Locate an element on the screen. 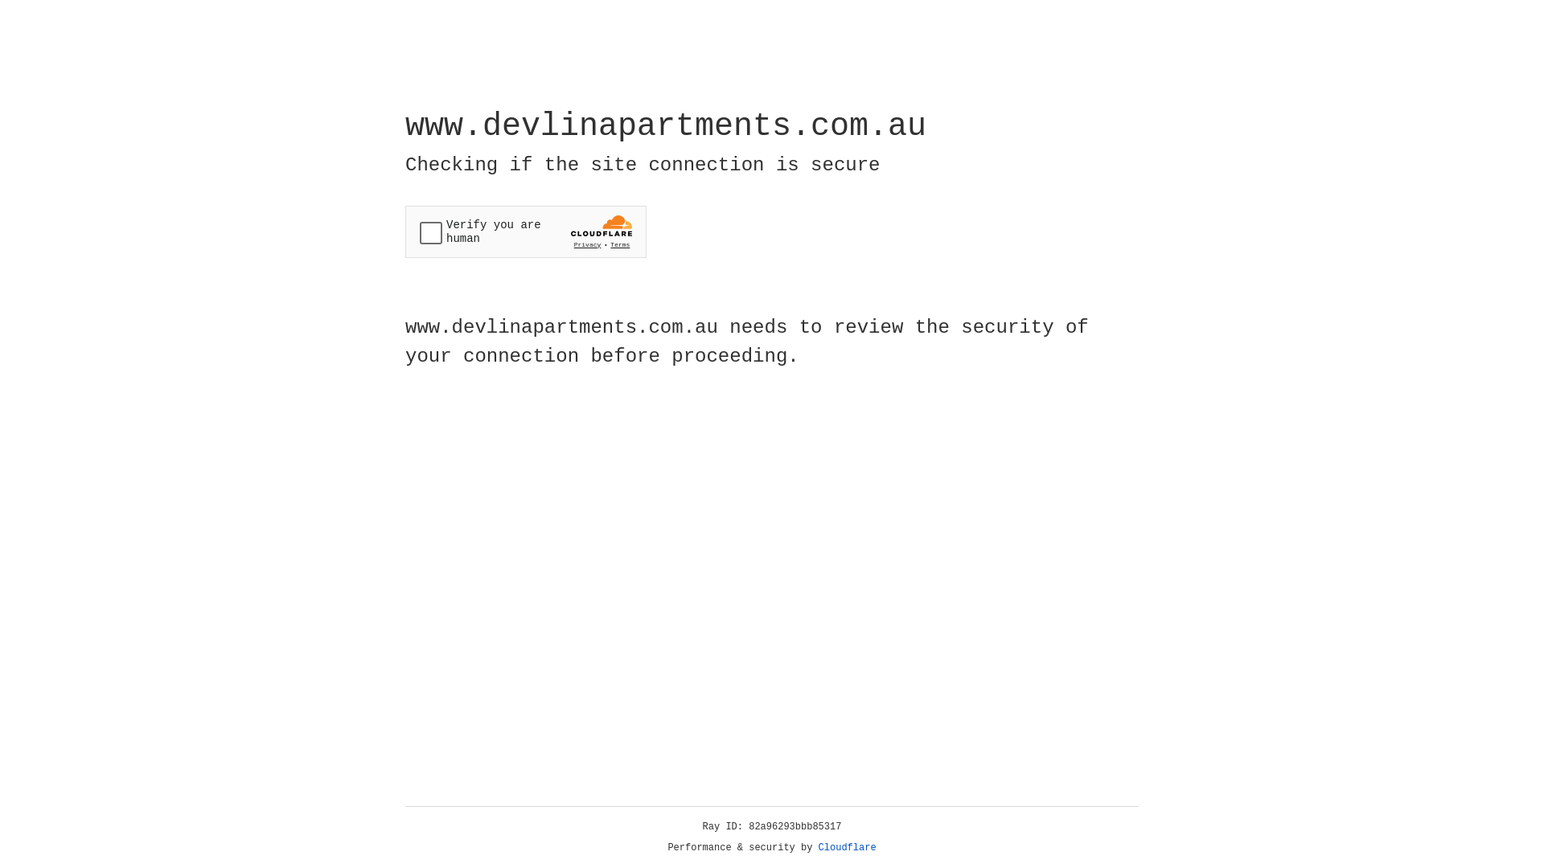 The width and height of the screenshot is (1544, 868). 'Widget containing a Cloudflare security challenge' is located at coordinates (525, 231).